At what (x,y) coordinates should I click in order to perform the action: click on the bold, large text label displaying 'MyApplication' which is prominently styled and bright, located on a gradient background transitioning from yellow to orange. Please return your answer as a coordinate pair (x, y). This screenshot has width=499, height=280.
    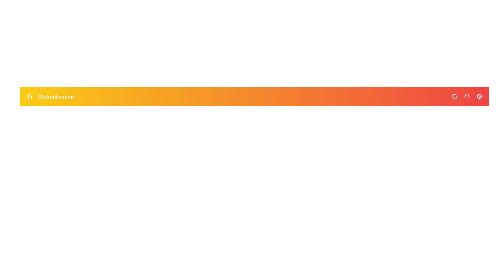
    Looking at the image, I should click on (56, 97).